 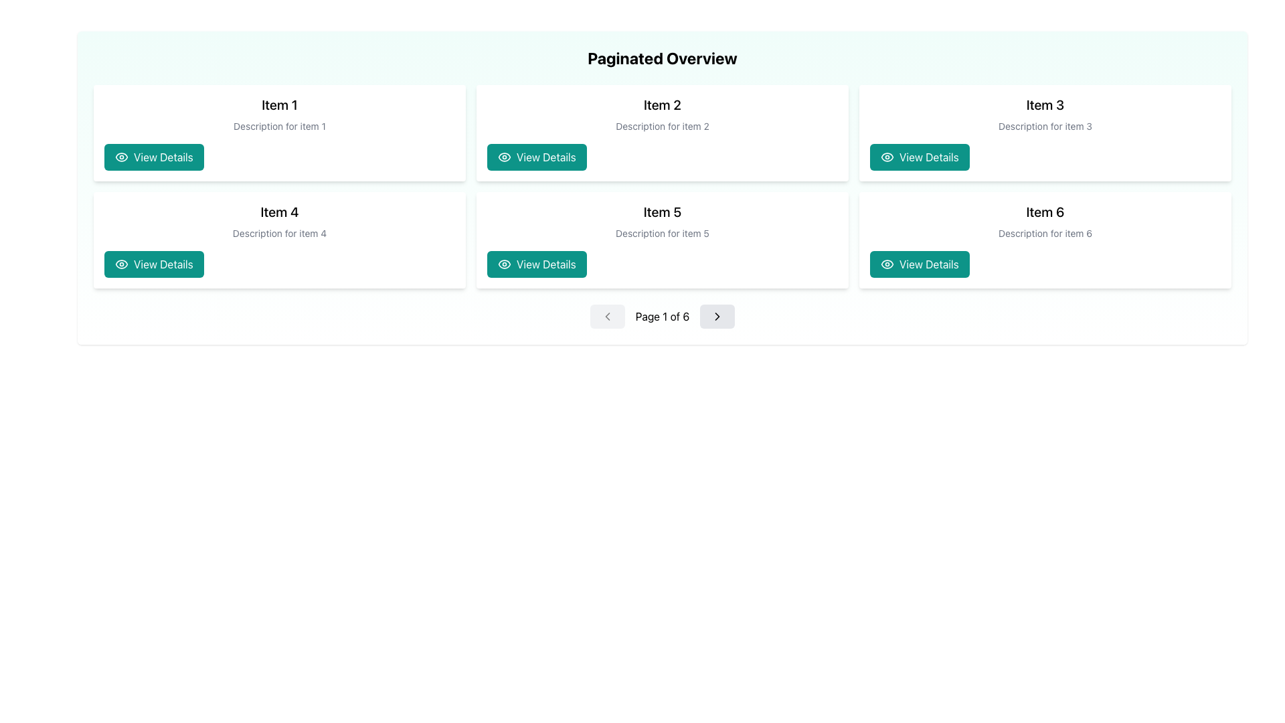 What do you see at coordinates (717, 317) in the screenshot?
I see `the right-pointing chevron arrow button with a black outline and light gray circular background, located below the pagination control displaying 'Page 1 of 6'` at bounding box center [717, 317].